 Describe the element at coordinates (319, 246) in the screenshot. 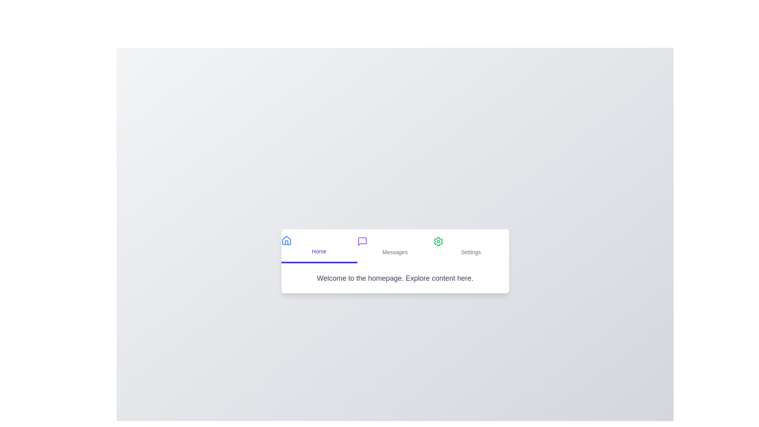

I see `the tab Home` at that location.